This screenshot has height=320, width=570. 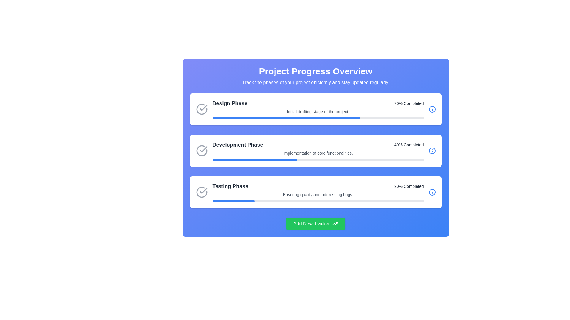 I want to click on the Text label that provides a brief description or status update of the testing phase, which is located within the 'Testing Phase' progress card, centered horizontally, below the 'Testing Phase' title and to the left of the '20% Completed' label, so click(x=318, y=192).